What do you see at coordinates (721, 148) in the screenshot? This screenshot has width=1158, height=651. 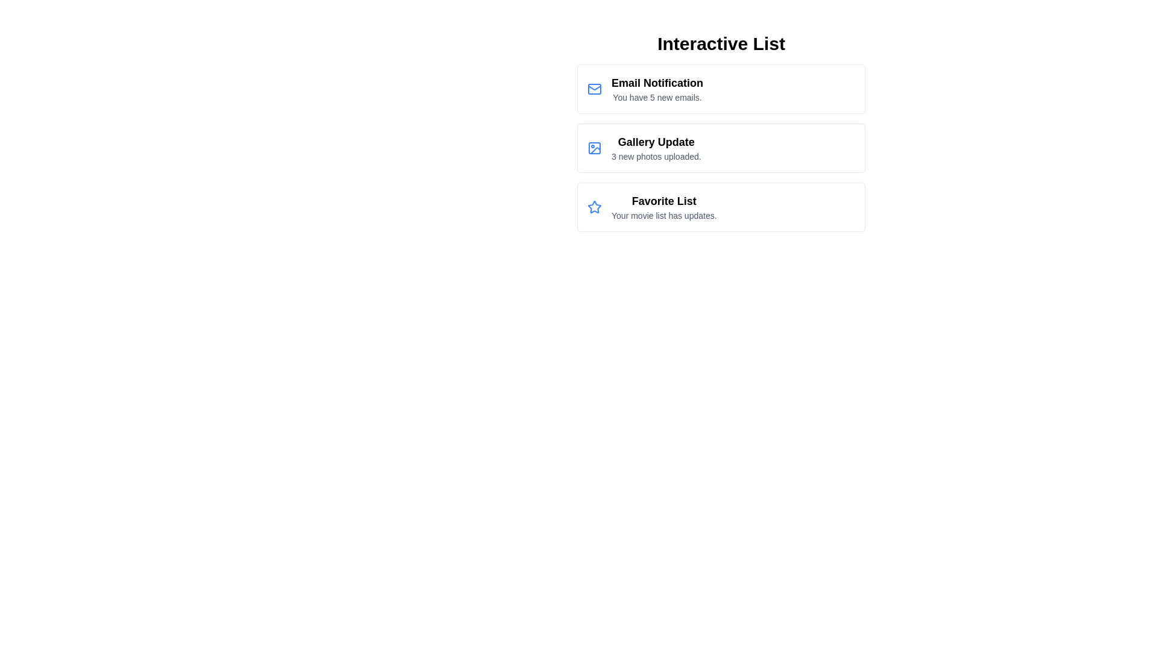 I see `the list item Gallery Update to view its hover effect` at bounding box center [721, 148].